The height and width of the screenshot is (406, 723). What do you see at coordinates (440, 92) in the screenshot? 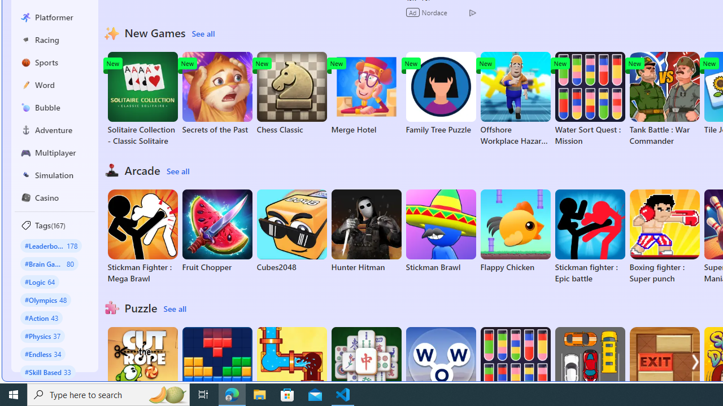
I see `'Family Tree Puzzle'` at bounding box center [440, 92].